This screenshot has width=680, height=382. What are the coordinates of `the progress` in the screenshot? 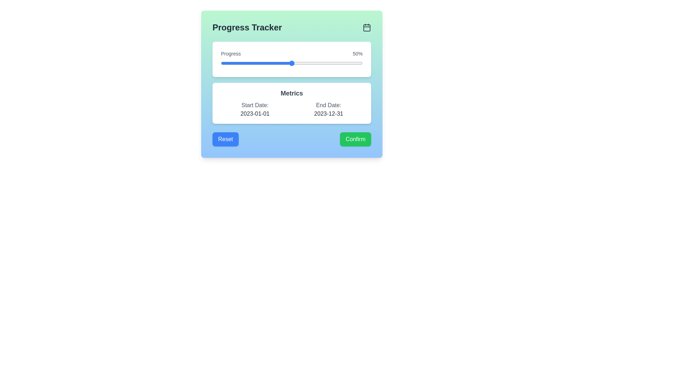 It's located at (276, 63).